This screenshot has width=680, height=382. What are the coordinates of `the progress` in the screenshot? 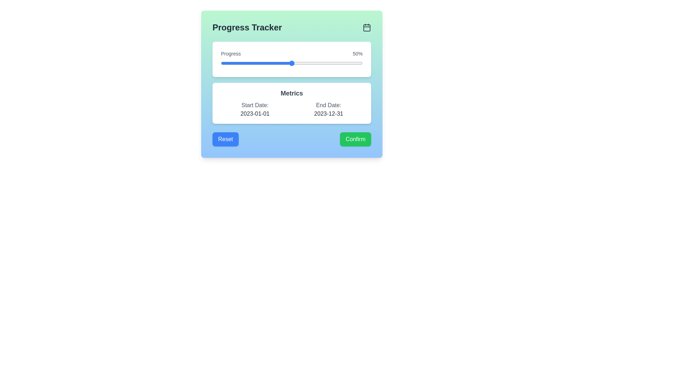 It's located at (276, 63).